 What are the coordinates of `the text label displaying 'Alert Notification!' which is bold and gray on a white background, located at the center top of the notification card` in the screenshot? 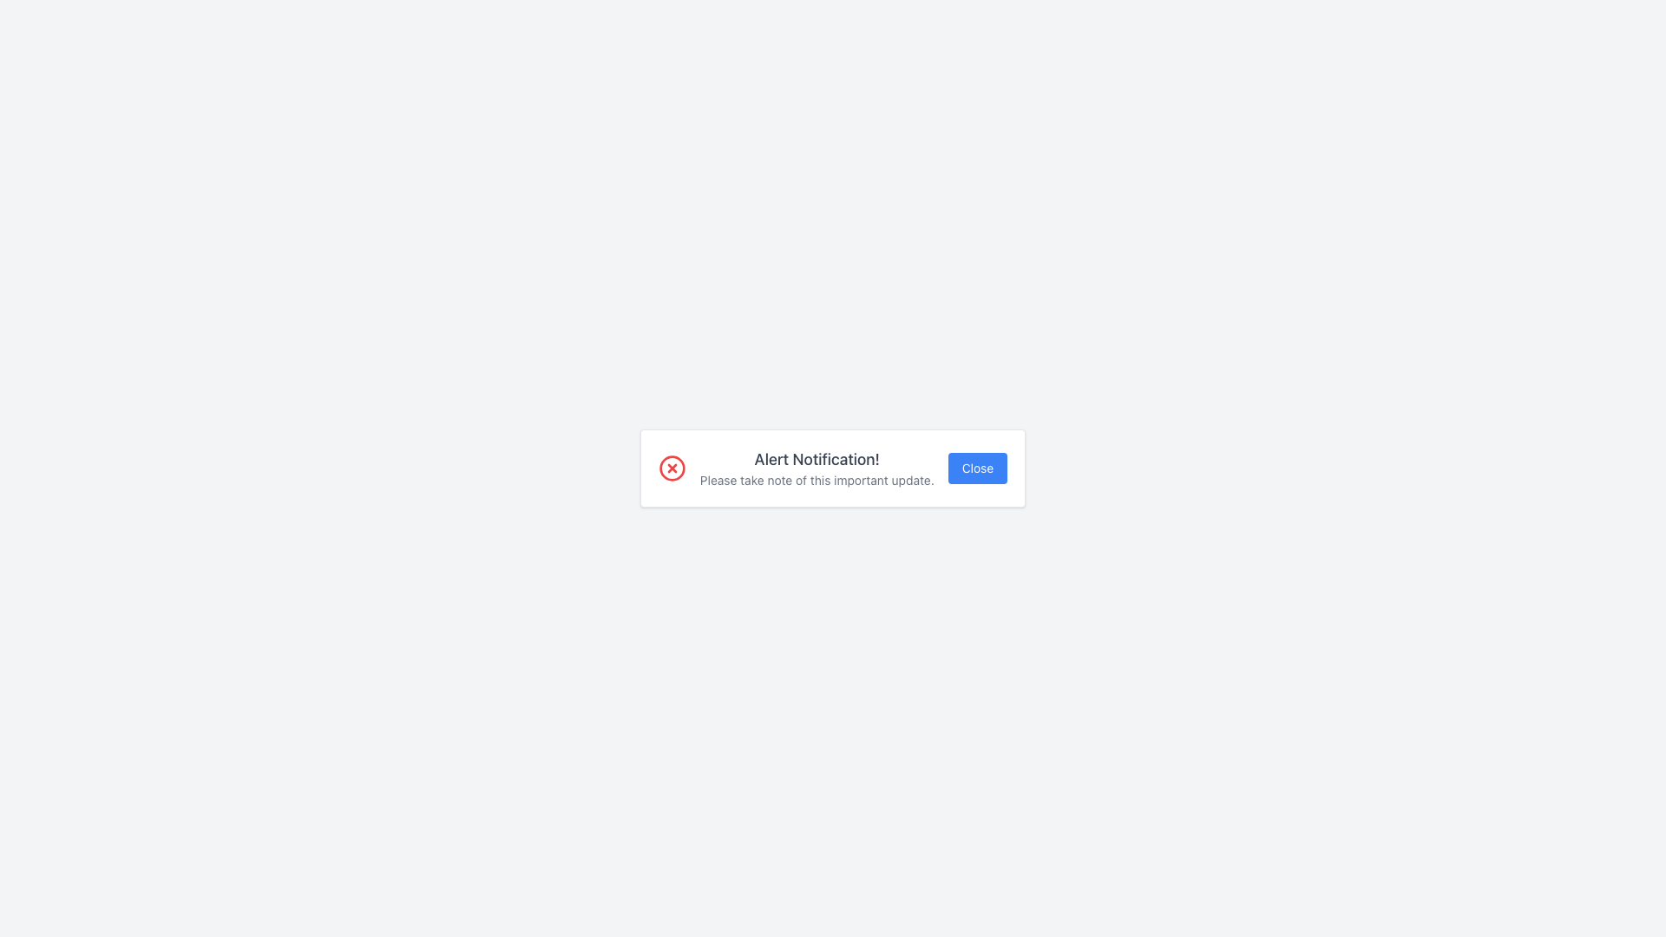 It's located at (816, 458).